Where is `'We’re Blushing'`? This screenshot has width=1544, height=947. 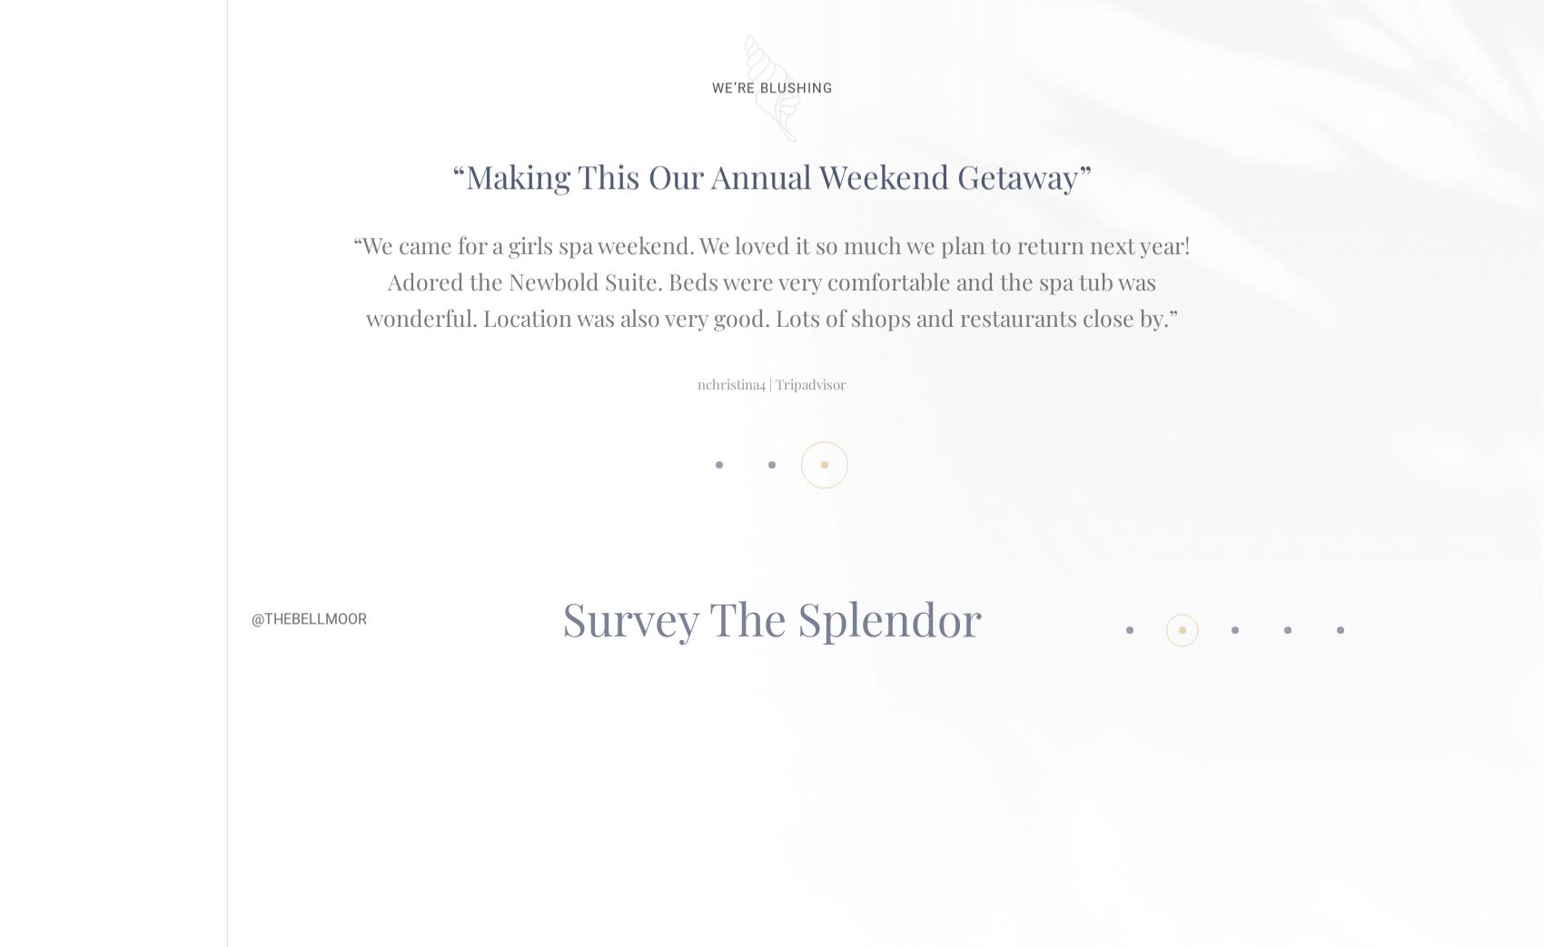
'We’re Blushing' is located at coordinates (710, 69).